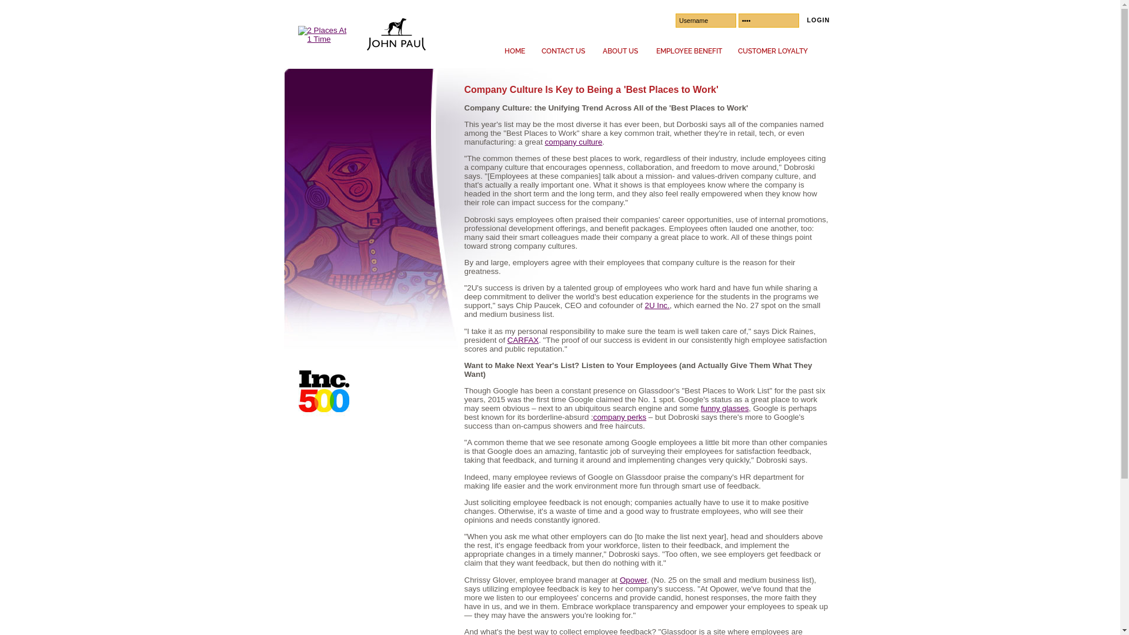 The image size is (1129, 635). I want to click on '2U Inc.', so click(644, 305).